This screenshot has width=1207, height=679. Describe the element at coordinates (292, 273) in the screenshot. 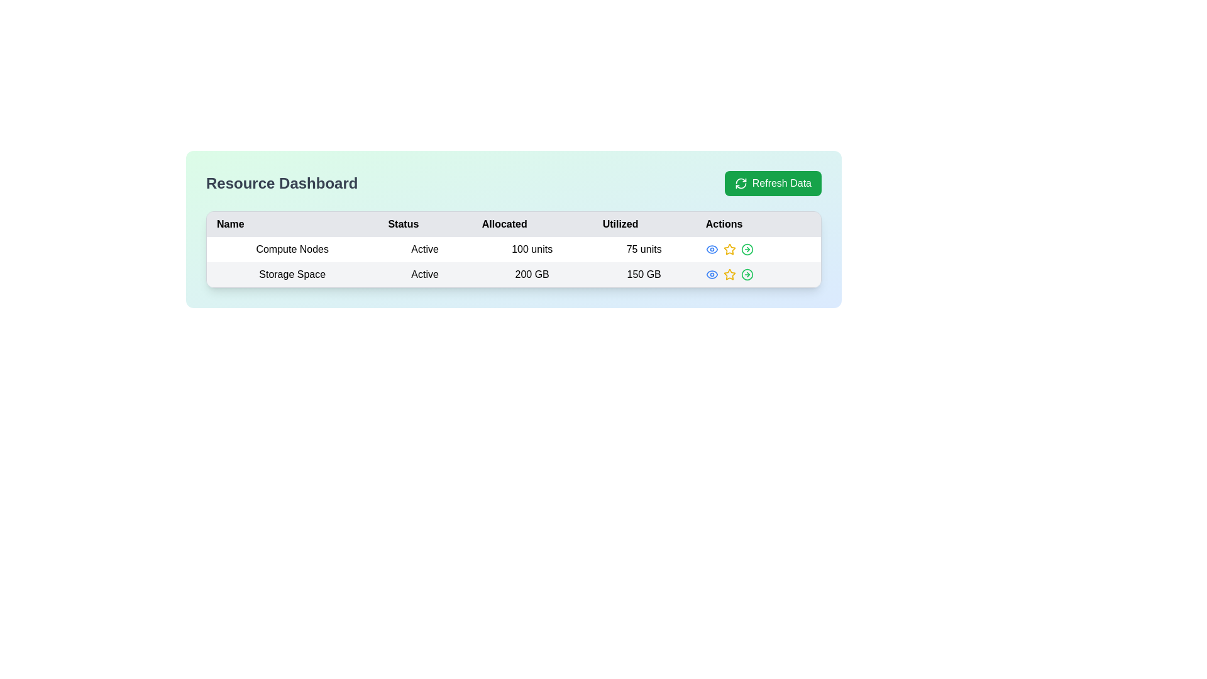

I see `text of the 'Storage Space' label located in the second row of the table under the column labeled 'Name'` at that location.